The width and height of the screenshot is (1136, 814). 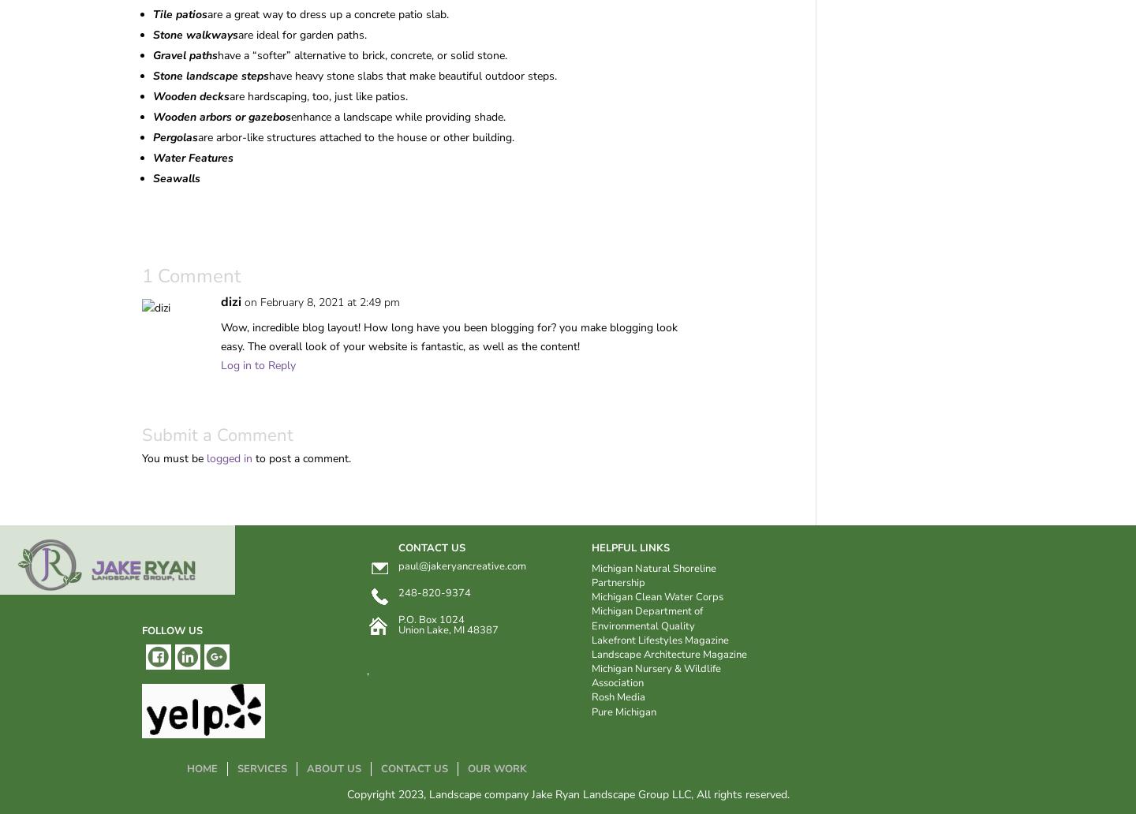 I want to click on 'enhance a landscape while providing shade.', so click(x=398, y=116).